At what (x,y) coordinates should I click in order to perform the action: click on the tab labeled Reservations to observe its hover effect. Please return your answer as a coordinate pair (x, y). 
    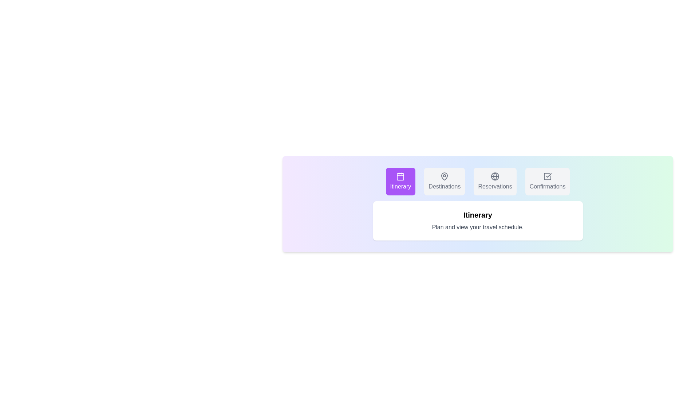
    Looking at the image, I should click on (495, 181).